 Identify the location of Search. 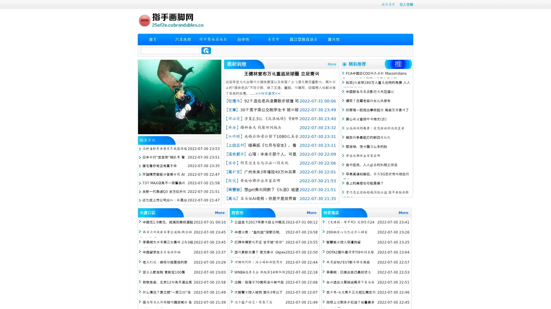
(206, 50).